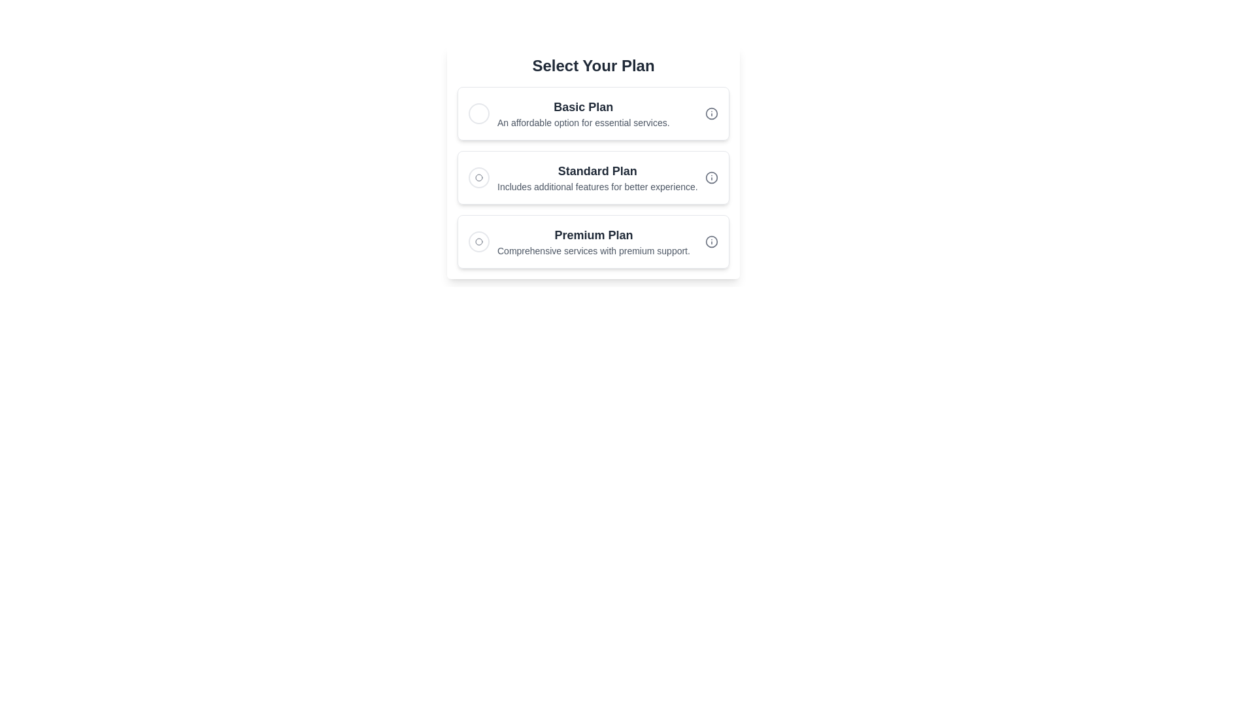 Image resolution: width=1255 pixels, height=706 pixels. What do you see at coordinates (582, 123) in the screenshot?
I see `the text label displaying 'An affordable option for essential services.' which is located under the title 'Basic Plan' in the card layout` at bounding box center [582, 123].